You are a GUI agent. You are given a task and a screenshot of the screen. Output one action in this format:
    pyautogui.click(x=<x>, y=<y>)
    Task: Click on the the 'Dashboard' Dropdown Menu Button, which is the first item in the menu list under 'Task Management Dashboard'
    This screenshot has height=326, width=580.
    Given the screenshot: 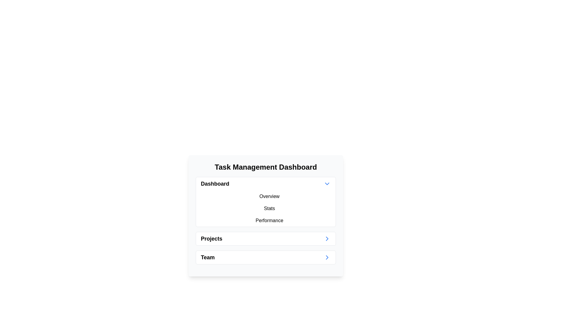 What is the action you would take?
    pyautogui.click(x=266, y=184)
    